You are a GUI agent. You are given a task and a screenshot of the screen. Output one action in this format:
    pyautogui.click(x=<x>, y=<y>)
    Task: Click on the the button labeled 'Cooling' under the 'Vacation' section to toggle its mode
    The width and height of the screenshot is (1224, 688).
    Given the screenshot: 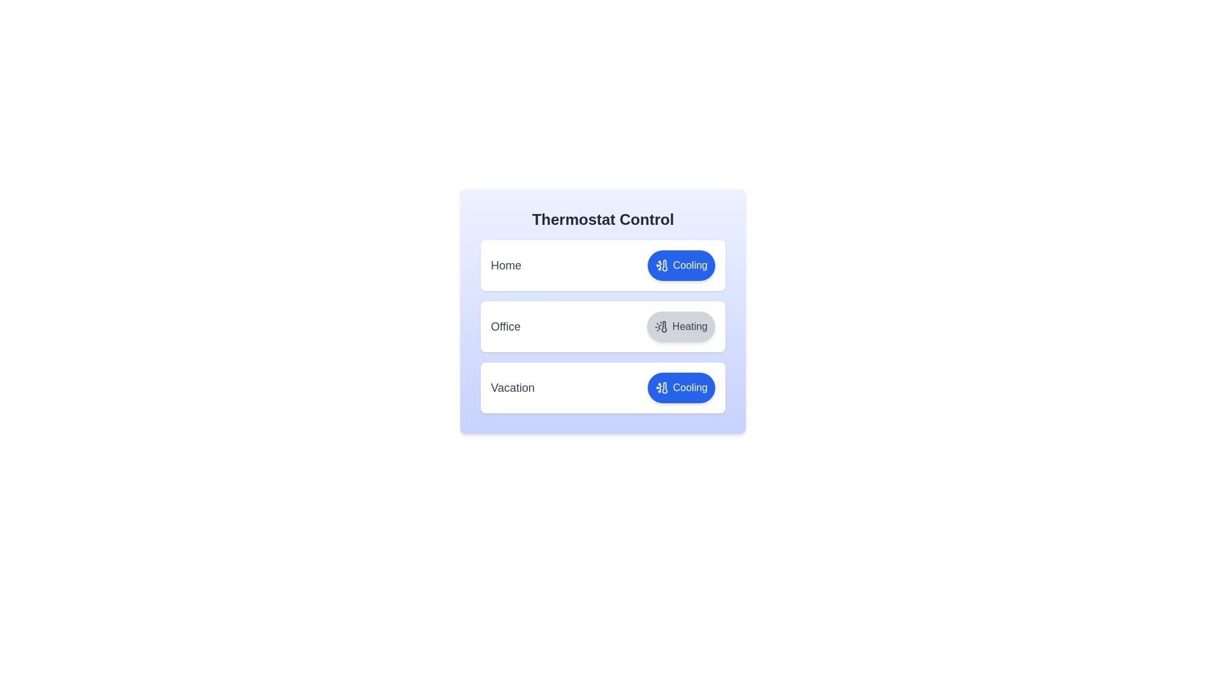 What is the action you would take?
    pyautogui.click(x=680, y=387)
    